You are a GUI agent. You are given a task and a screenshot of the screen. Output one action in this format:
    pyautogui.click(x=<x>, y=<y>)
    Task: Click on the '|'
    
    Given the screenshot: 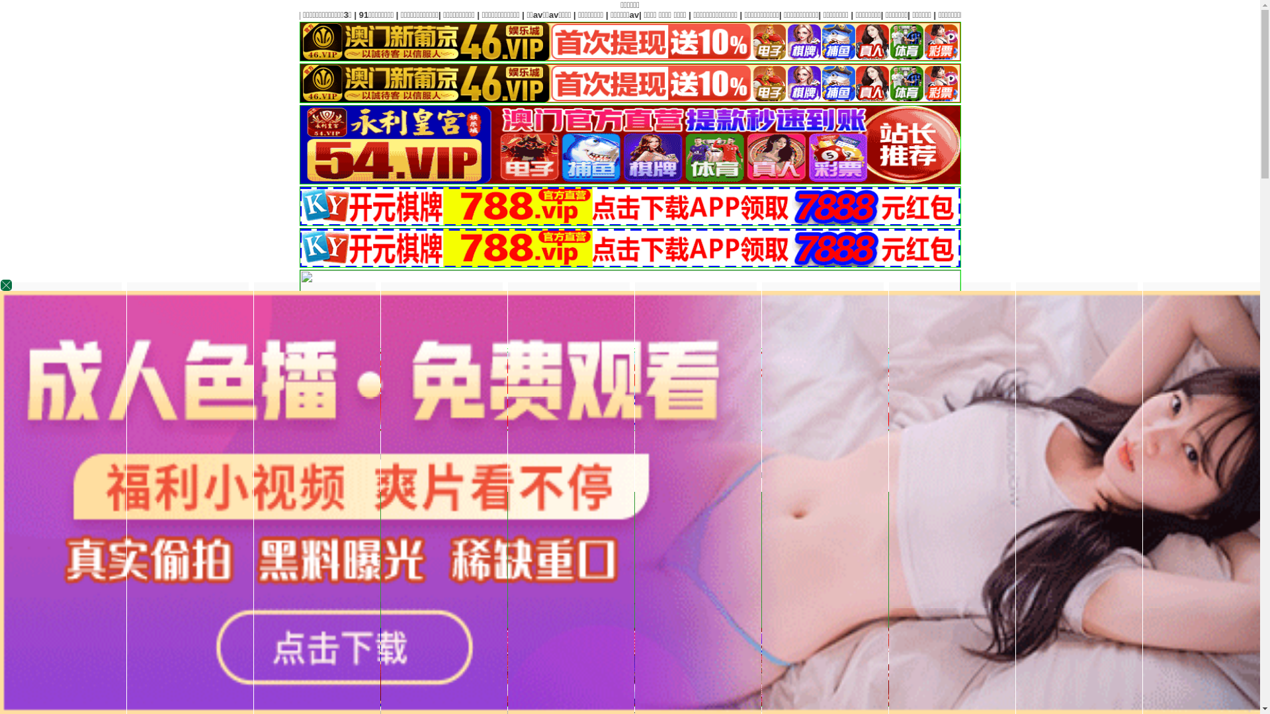 What is the action you would take?
    pyautogui.click(x=1152, y=15)
    